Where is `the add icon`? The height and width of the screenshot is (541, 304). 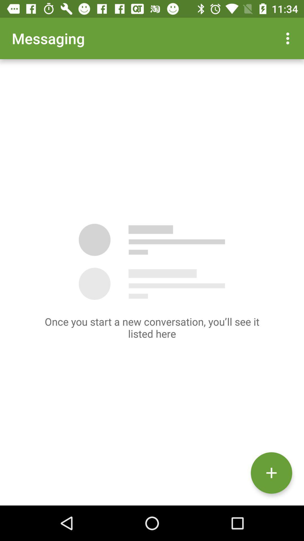
the add icon is located at coordinates (271, 473).